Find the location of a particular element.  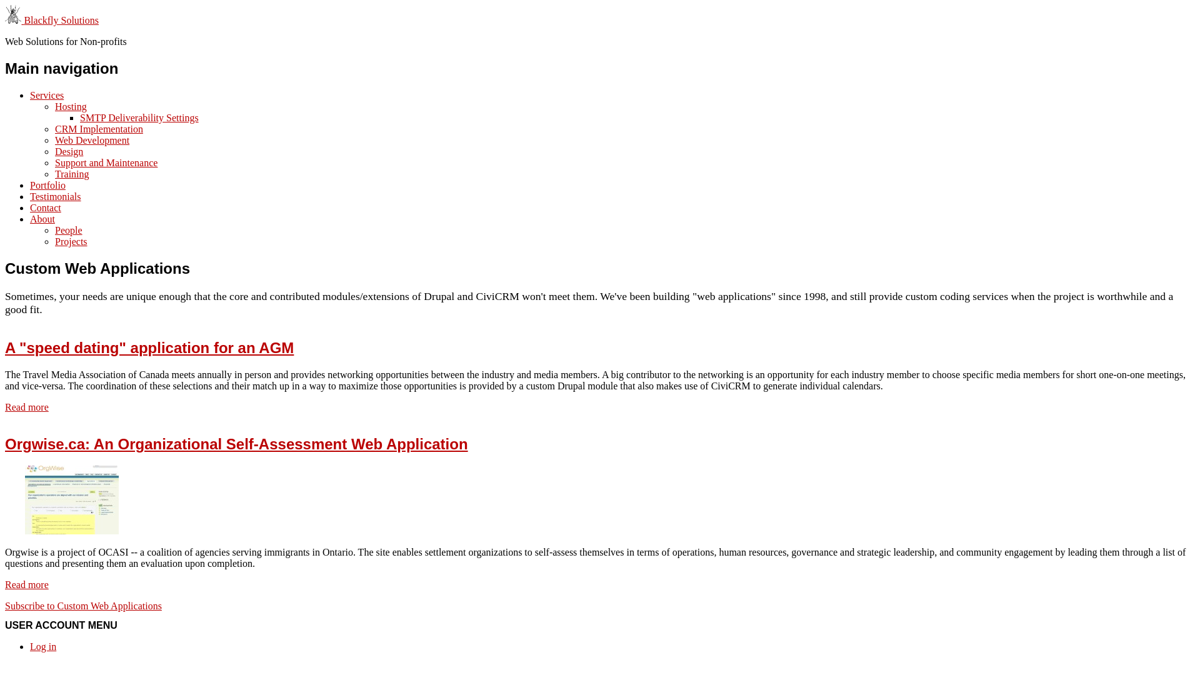

'Log in' is located at coordinates (42, 646).